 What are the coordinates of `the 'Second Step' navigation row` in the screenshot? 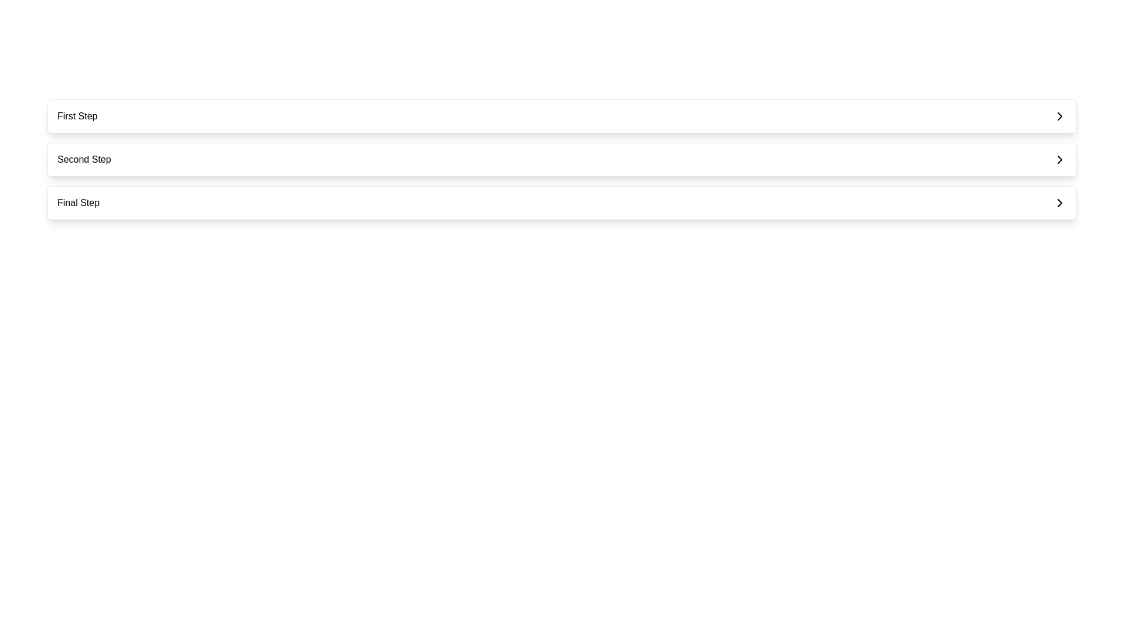 It's located at (561, 160).